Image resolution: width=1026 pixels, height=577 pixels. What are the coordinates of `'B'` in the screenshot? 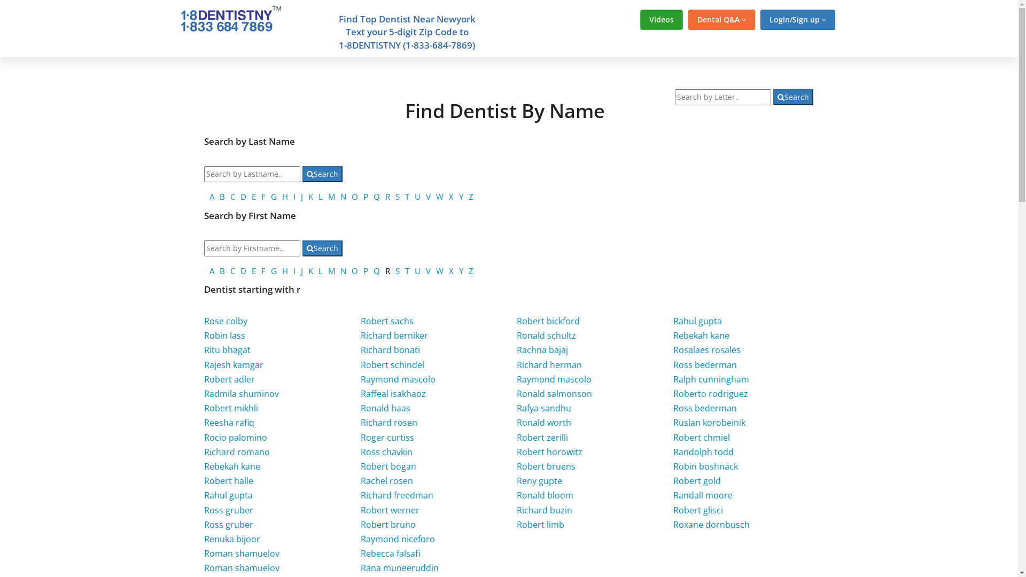 It's located at (222, 270).